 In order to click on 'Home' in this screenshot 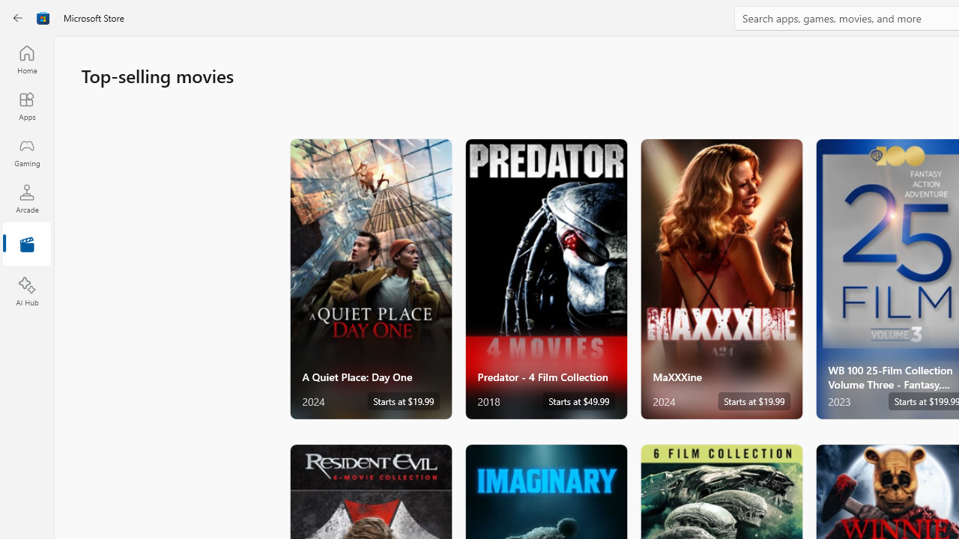, I will do `click(26, 58)`.